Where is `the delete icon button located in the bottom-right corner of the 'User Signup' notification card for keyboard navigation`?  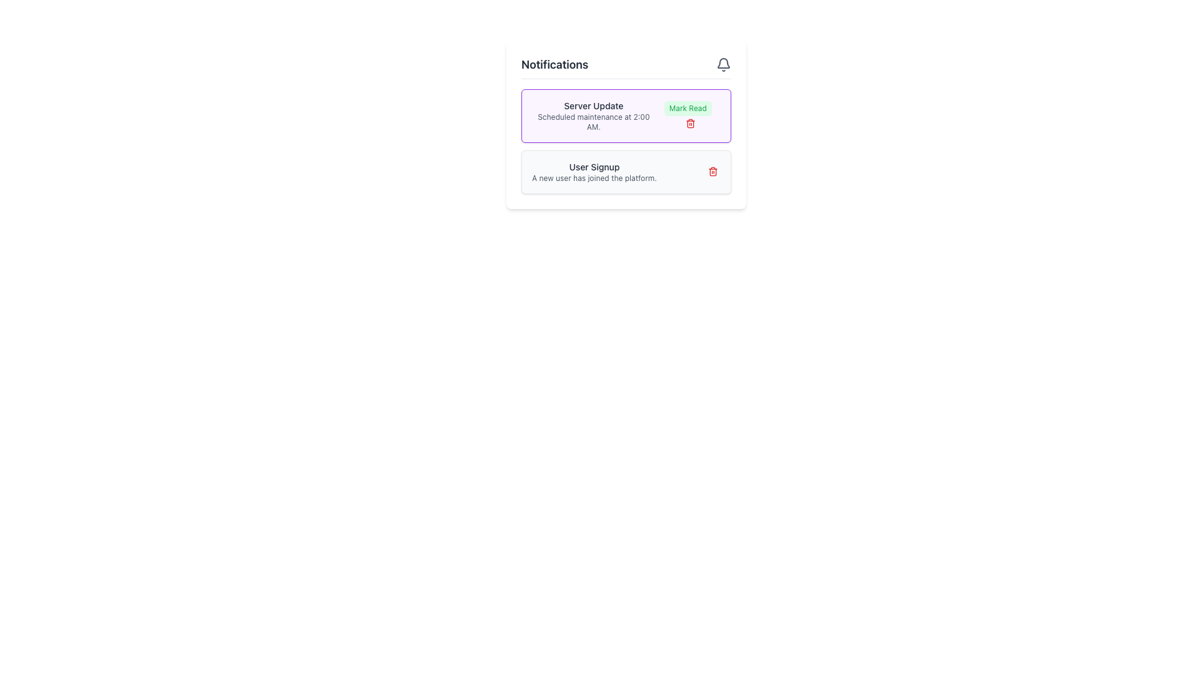 the delete icon button located in the bottom-right corner of the 'User Signup' notification card for keyboard navigation is located at coordinates (713, 171).